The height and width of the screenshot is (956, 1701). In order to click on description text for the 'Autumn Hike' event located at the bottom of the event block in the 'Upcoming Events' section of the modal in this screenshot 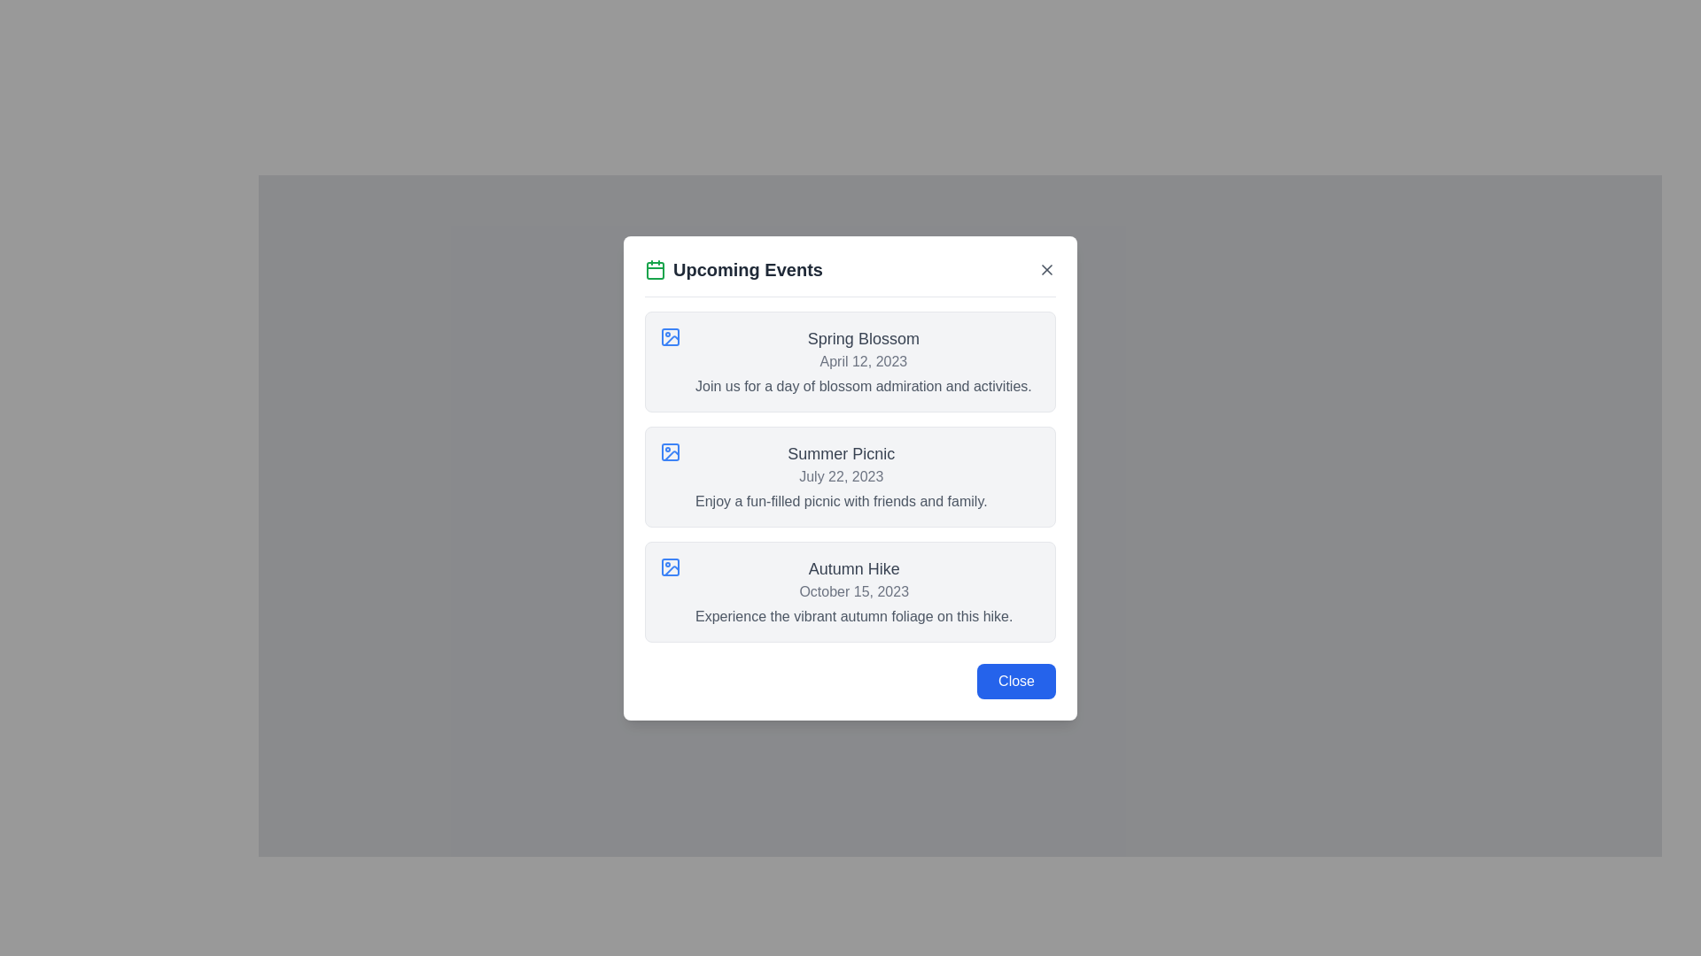, I will do `click(854, 615)`.